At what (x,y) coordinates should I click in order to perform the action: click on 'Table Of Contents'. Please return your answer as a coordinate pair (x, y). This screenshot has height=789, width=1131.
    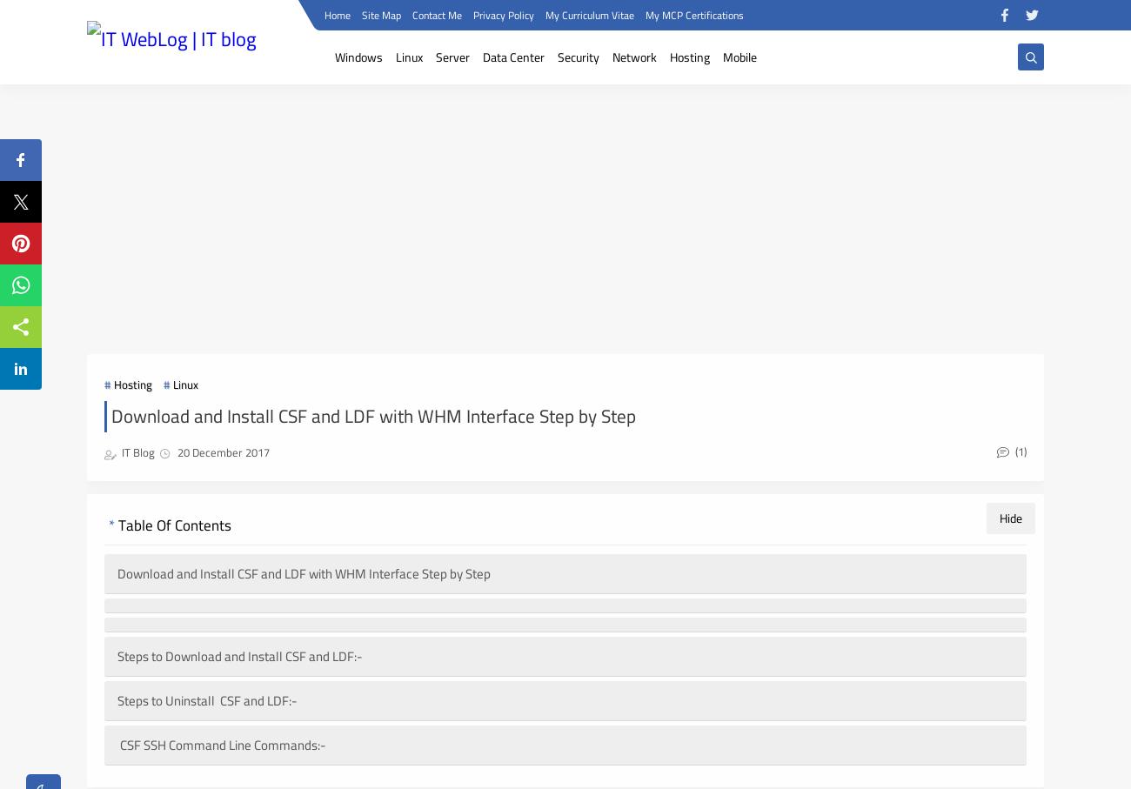
    Looking at the image, I should click on (117, 524).